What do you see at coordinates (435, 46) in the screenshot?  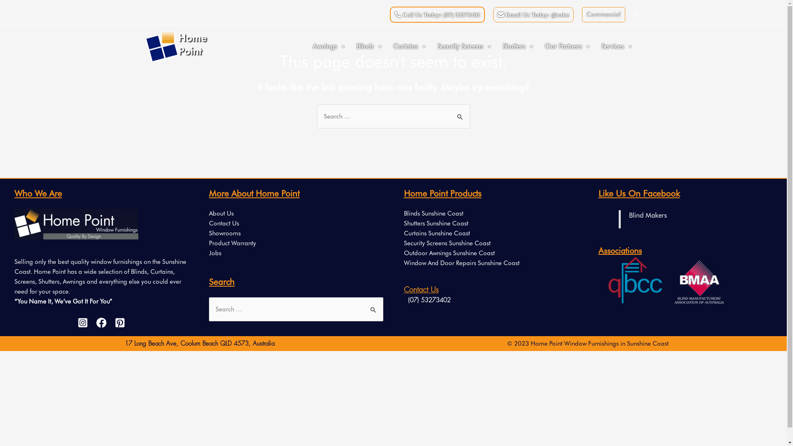 I see `'Security Screens'` at bounding box center [435, 46].